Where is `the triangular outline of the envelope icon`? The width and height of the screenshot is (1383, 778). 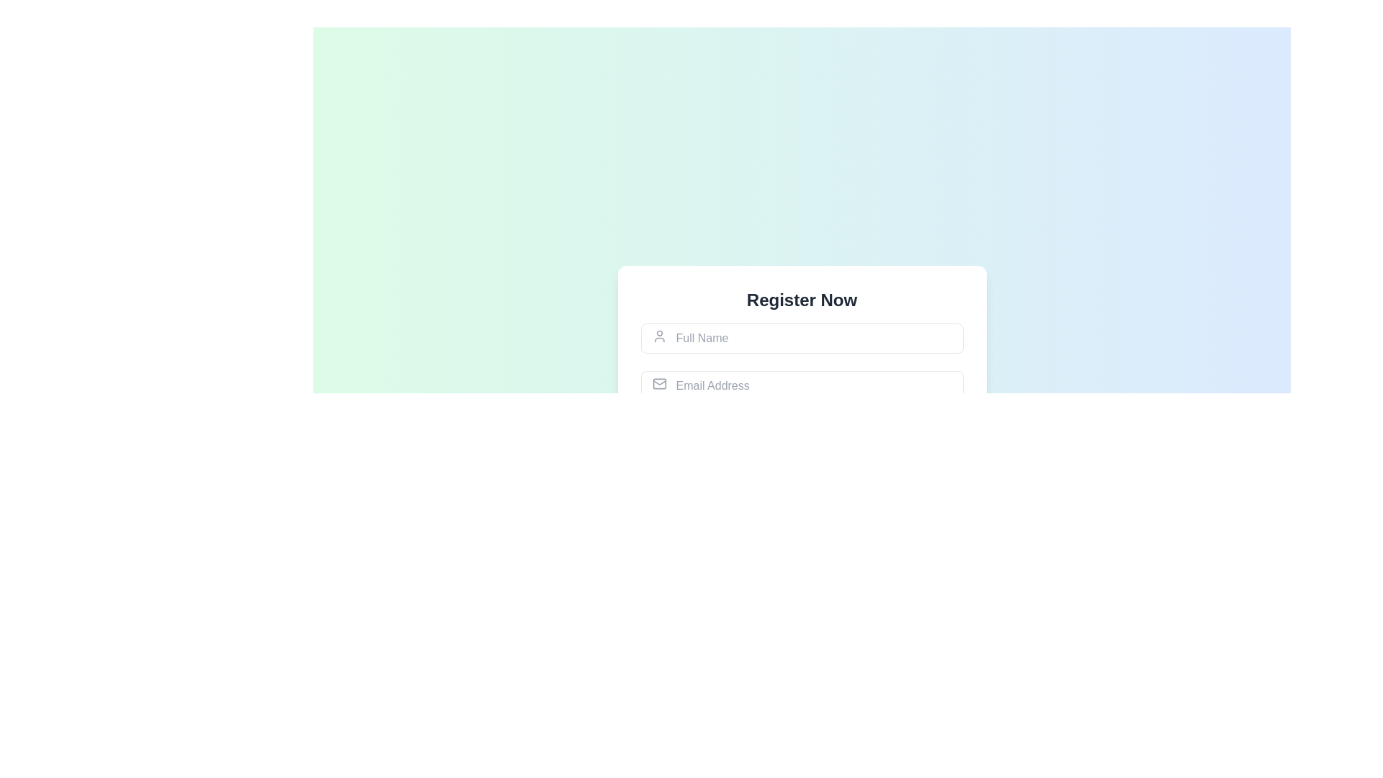 the triangular outline of the envelope icon is located at coordinates (658, 382).